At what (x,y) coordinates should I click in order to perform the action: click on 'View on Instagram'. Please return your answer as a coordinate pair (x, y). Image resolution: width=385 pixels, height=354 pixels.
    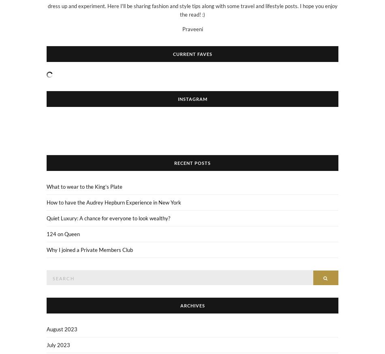
    Looking at the image, I should click on (196, 128).